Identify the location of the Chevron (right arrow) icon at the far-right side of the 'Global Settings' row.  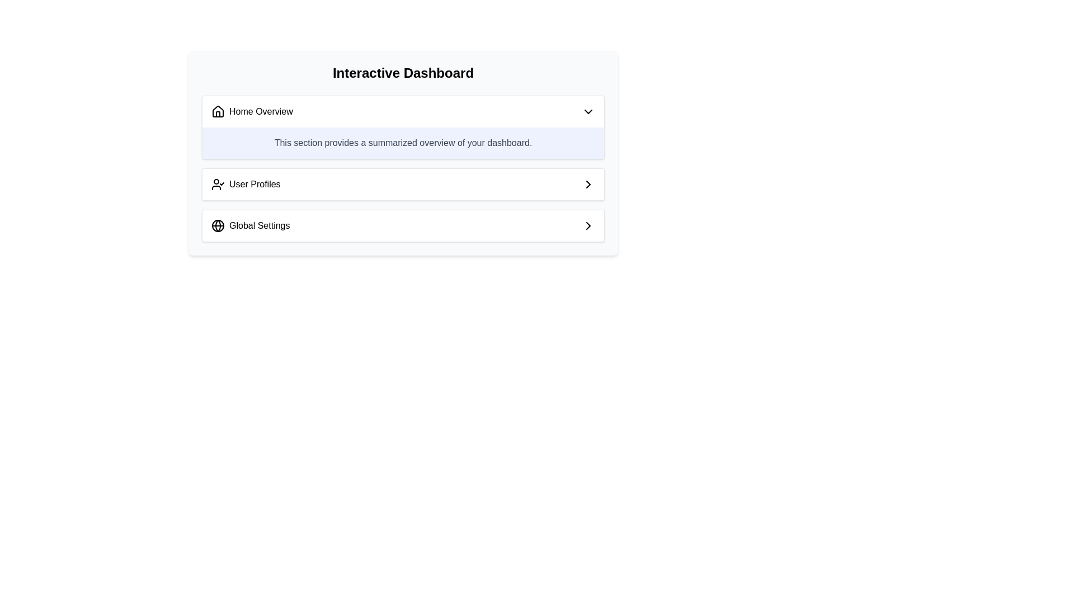
(587, 226).